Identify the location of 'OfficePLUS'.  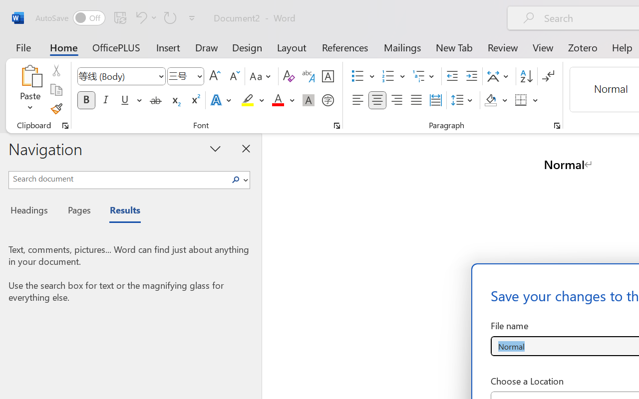
(116, 47).